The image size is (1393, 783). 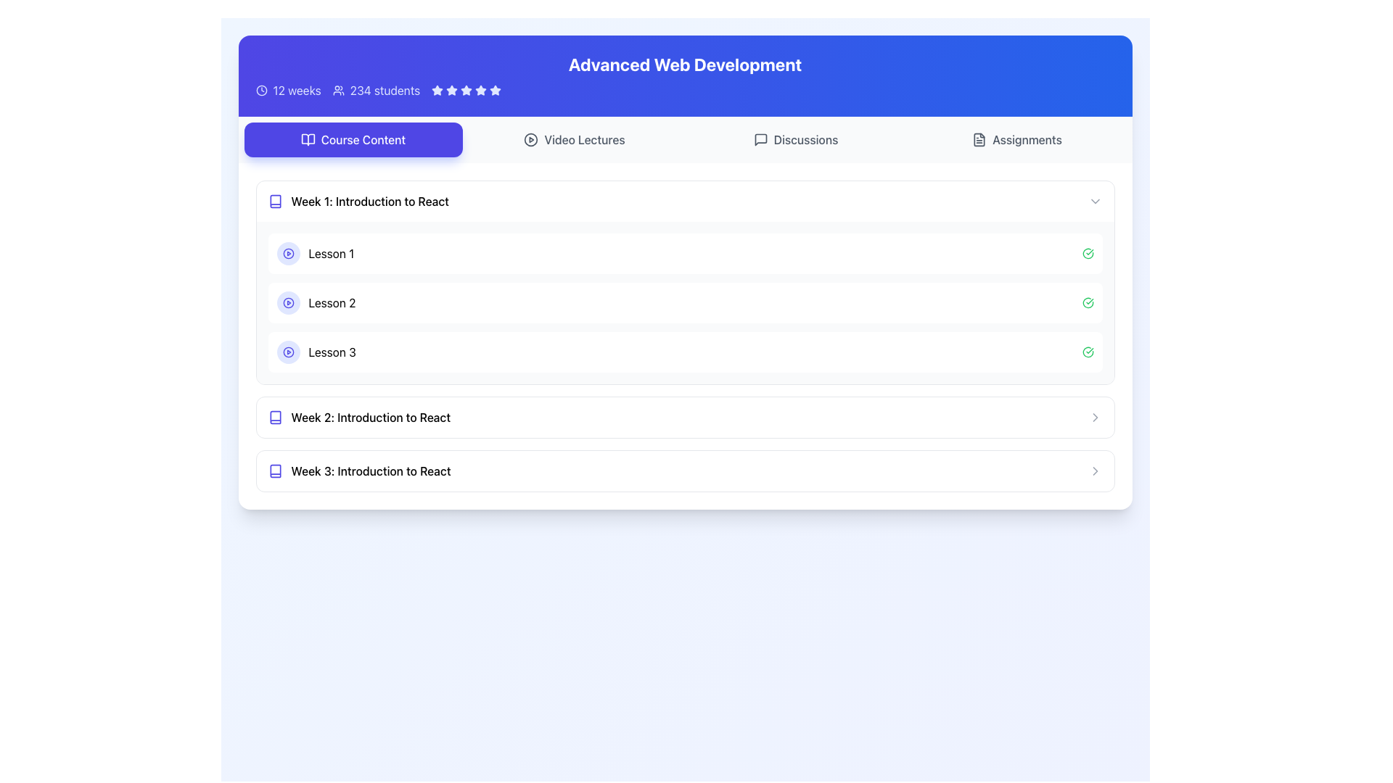 What do you see at coordinates (795, 139) in the screenshot?
I see `the discussions button, which is the third button from the left in the row containing 'Course Content', 'Video Lectures', and 'Assignments'` at bounding box center [795, 139].